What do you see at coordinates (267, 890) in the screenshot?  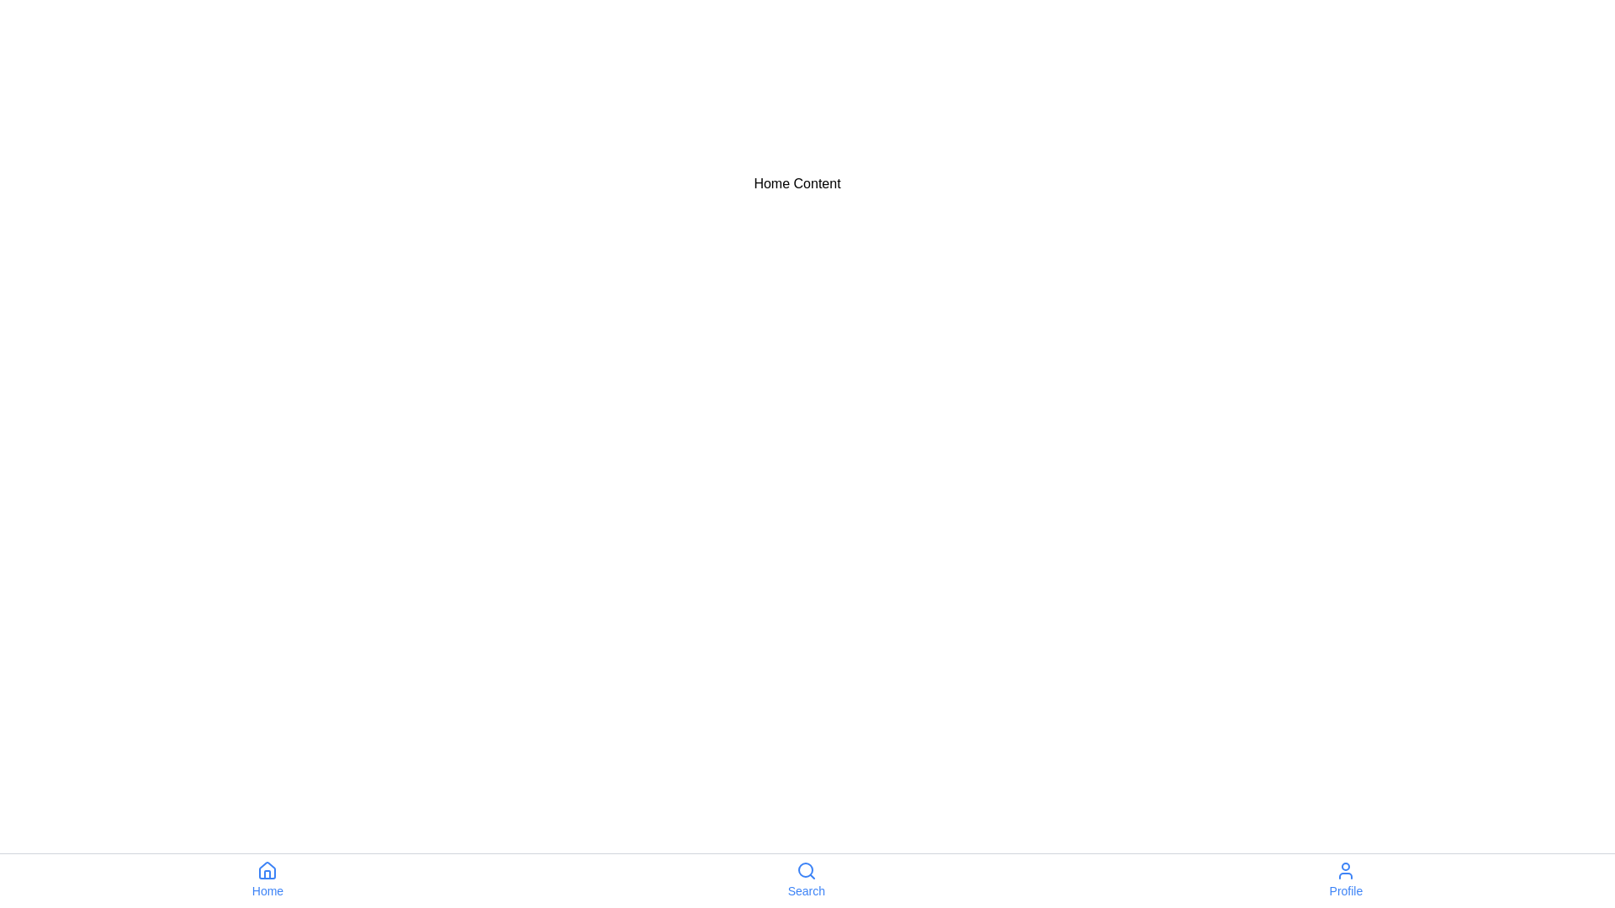 I see `'Home' navigation text label located in the bottom navigation bar, which is identified by its central position and proximity to a house icon above it` at bounding box center [267, 890].